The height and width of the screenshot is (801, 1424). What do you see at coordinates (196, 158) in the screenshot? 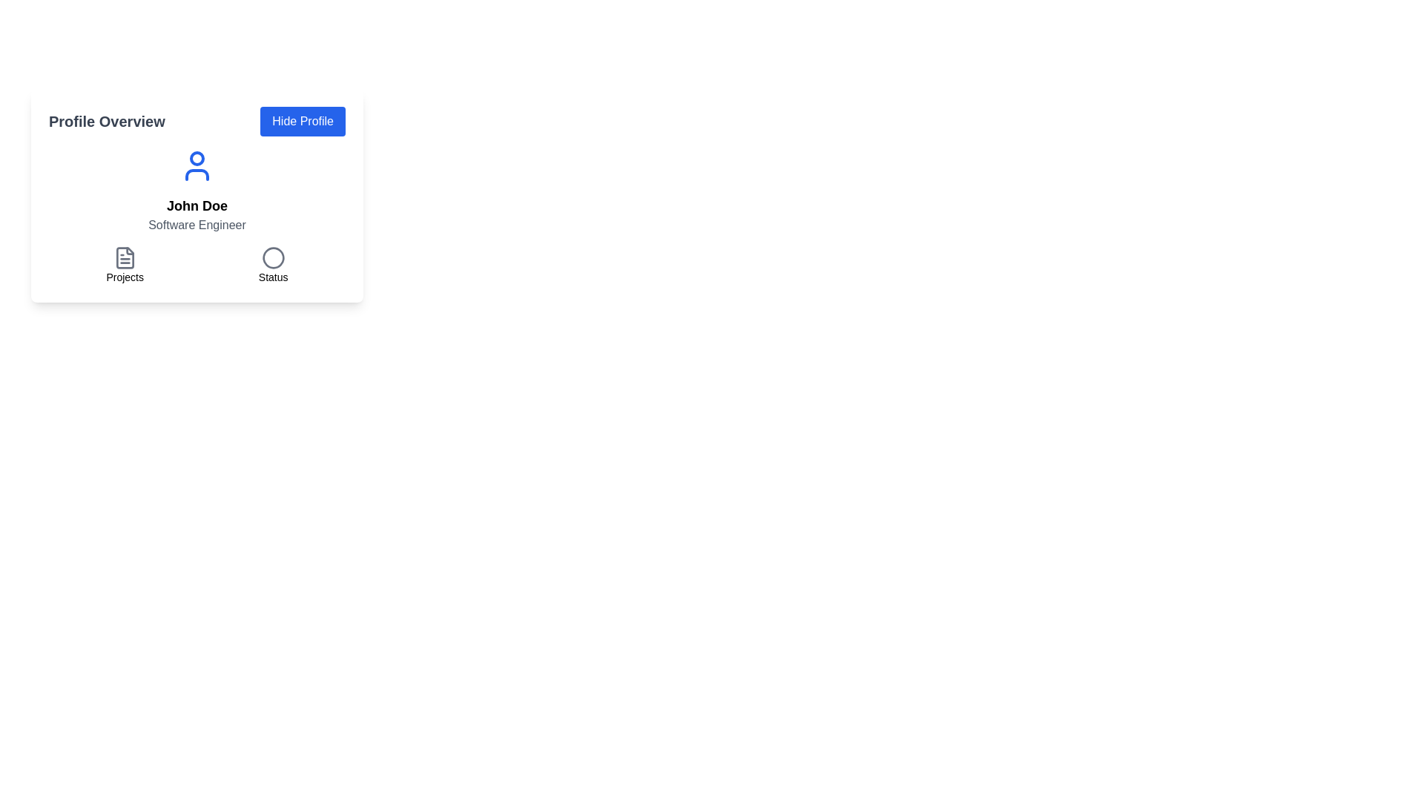
I see `the small circular illustration within the user profile icon, which is part of the avatar icon depicting a person, located at the top-center of the profile card` at bounding box center [196, 158].